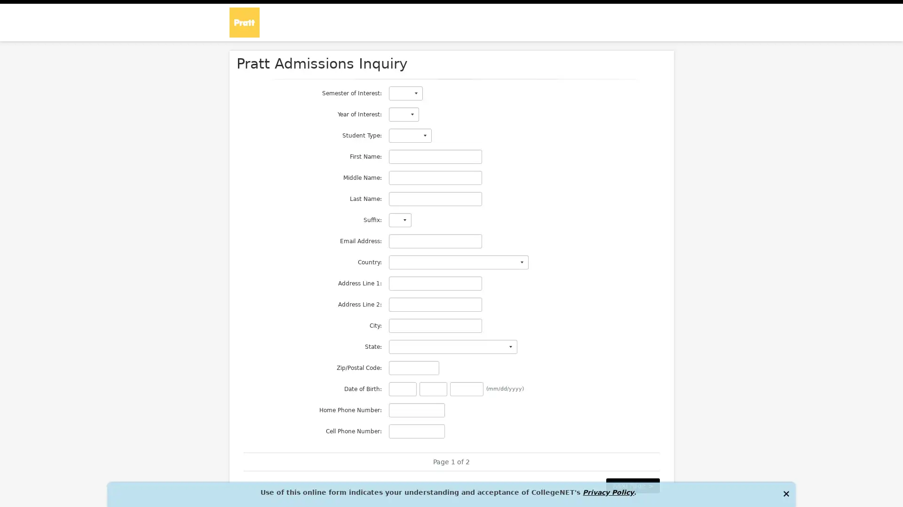  Describe the element at coordinates (632, 485) in the screenshot. I see `Next Page >` at that location.